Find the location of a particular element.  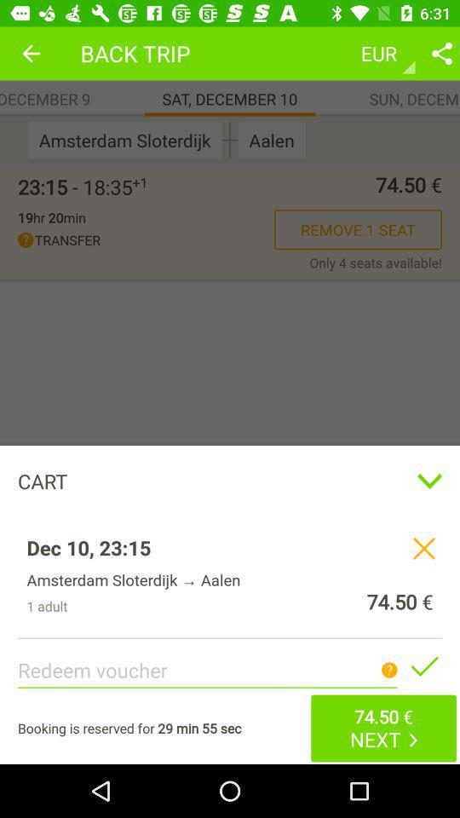

transfer icon is located at coordinates (146, 239).